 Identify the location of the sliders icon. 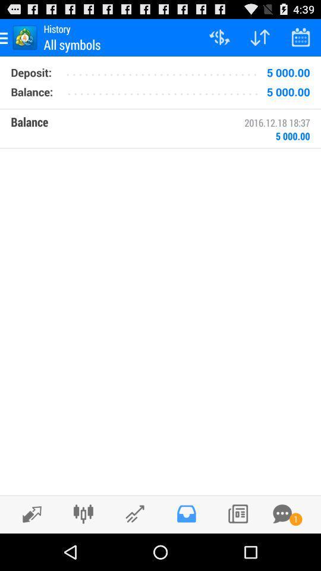
(83, 550).